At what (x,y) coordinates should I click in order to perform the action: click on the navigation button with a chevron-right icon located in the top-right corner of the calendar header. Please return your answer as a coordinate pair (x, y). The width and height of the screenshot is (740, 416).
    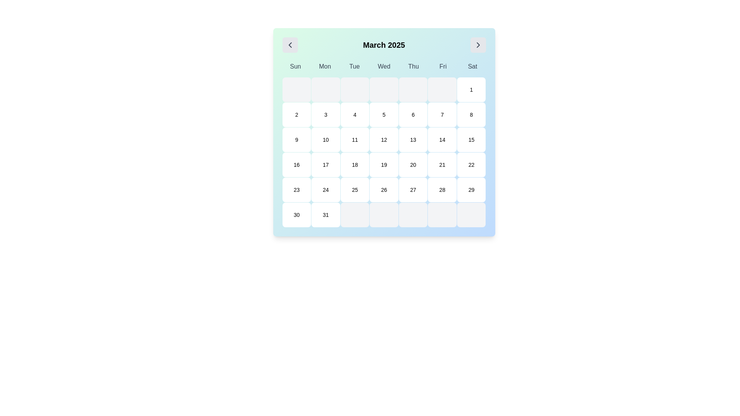
    Looking at the image, I should click on (478, 45).